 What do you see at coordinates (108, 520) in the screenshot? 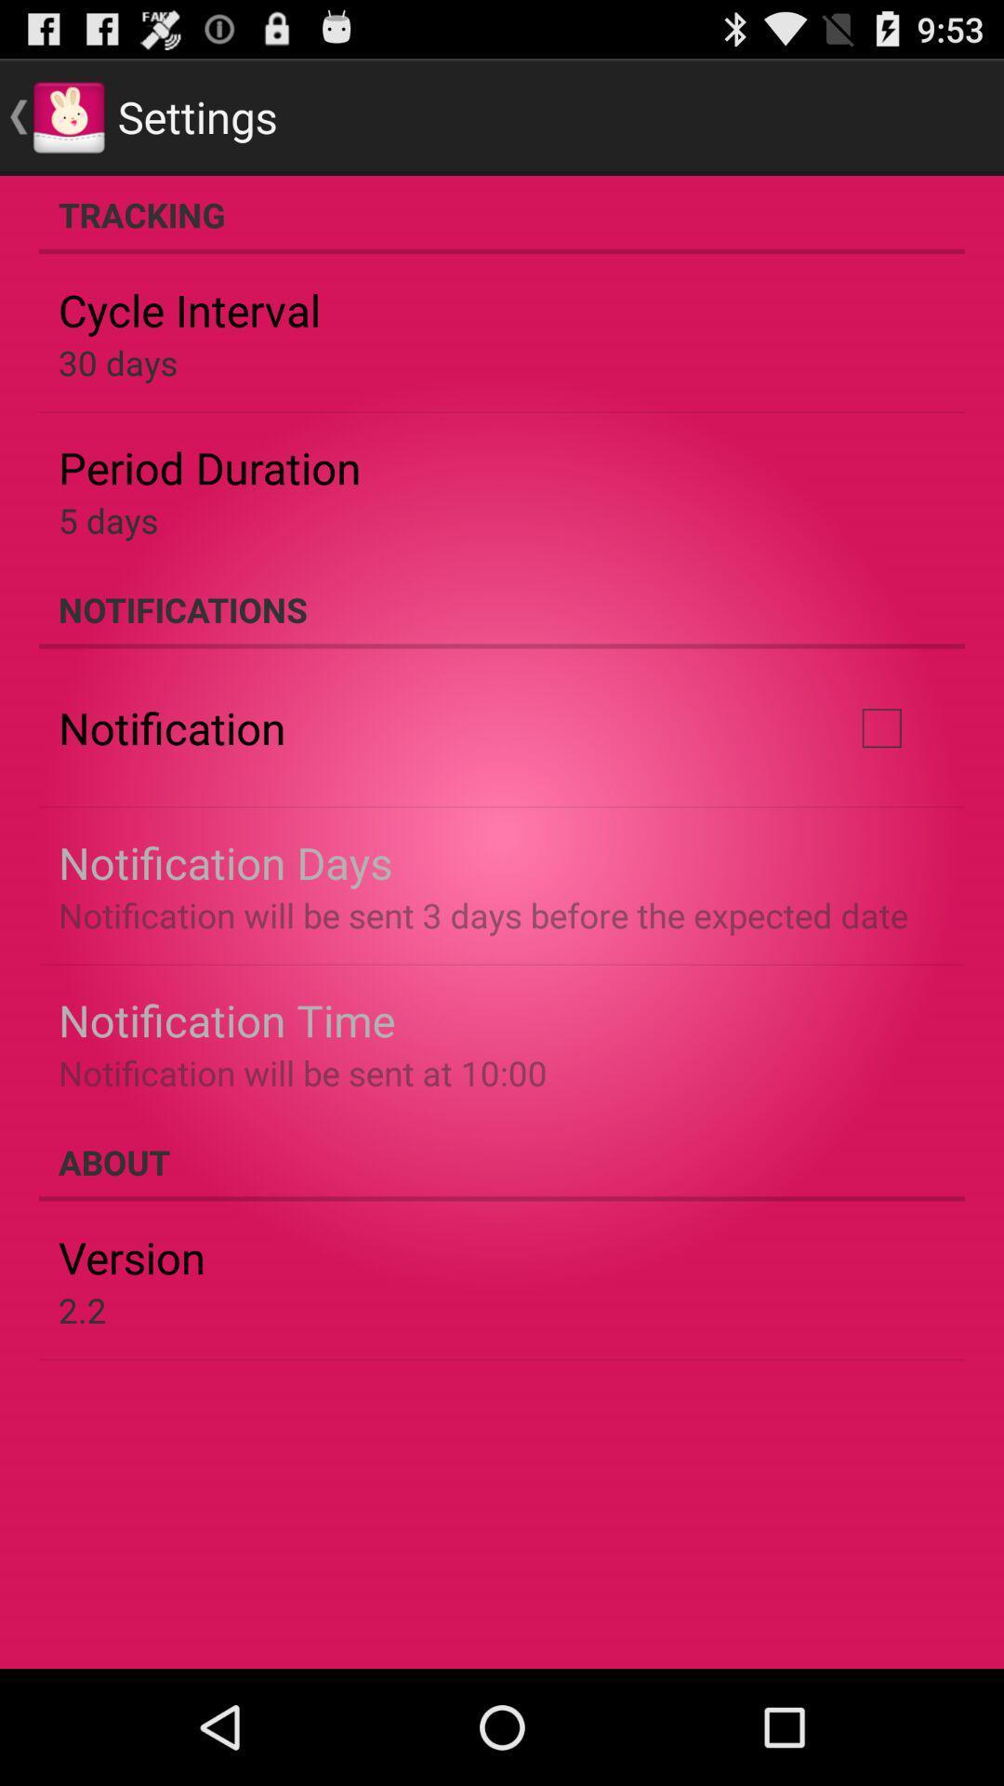
I see `5 days icon` at bounding box center [108, 520].